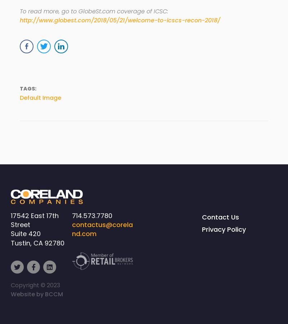  Describe the element at coordinates (35, 219) in the screenshot. I see `'17542 East 17th Street'` at that location.